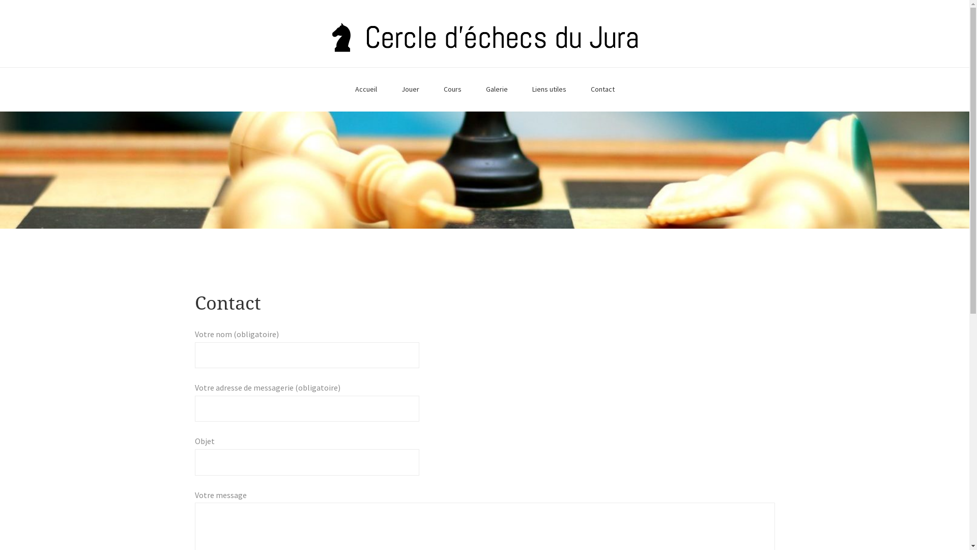 Image resolution: width=977 pixels, height=550 pixels. Describe the element at coordinates (549, 89) in the screenshot. I see `'Liens utiles'` at that location.